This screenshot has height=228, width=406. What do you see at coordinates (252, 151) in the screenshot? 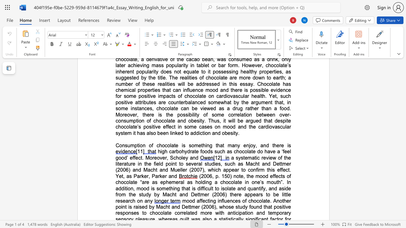
I see `the 2th character "t" in the text` at bounding box center [252, 151].